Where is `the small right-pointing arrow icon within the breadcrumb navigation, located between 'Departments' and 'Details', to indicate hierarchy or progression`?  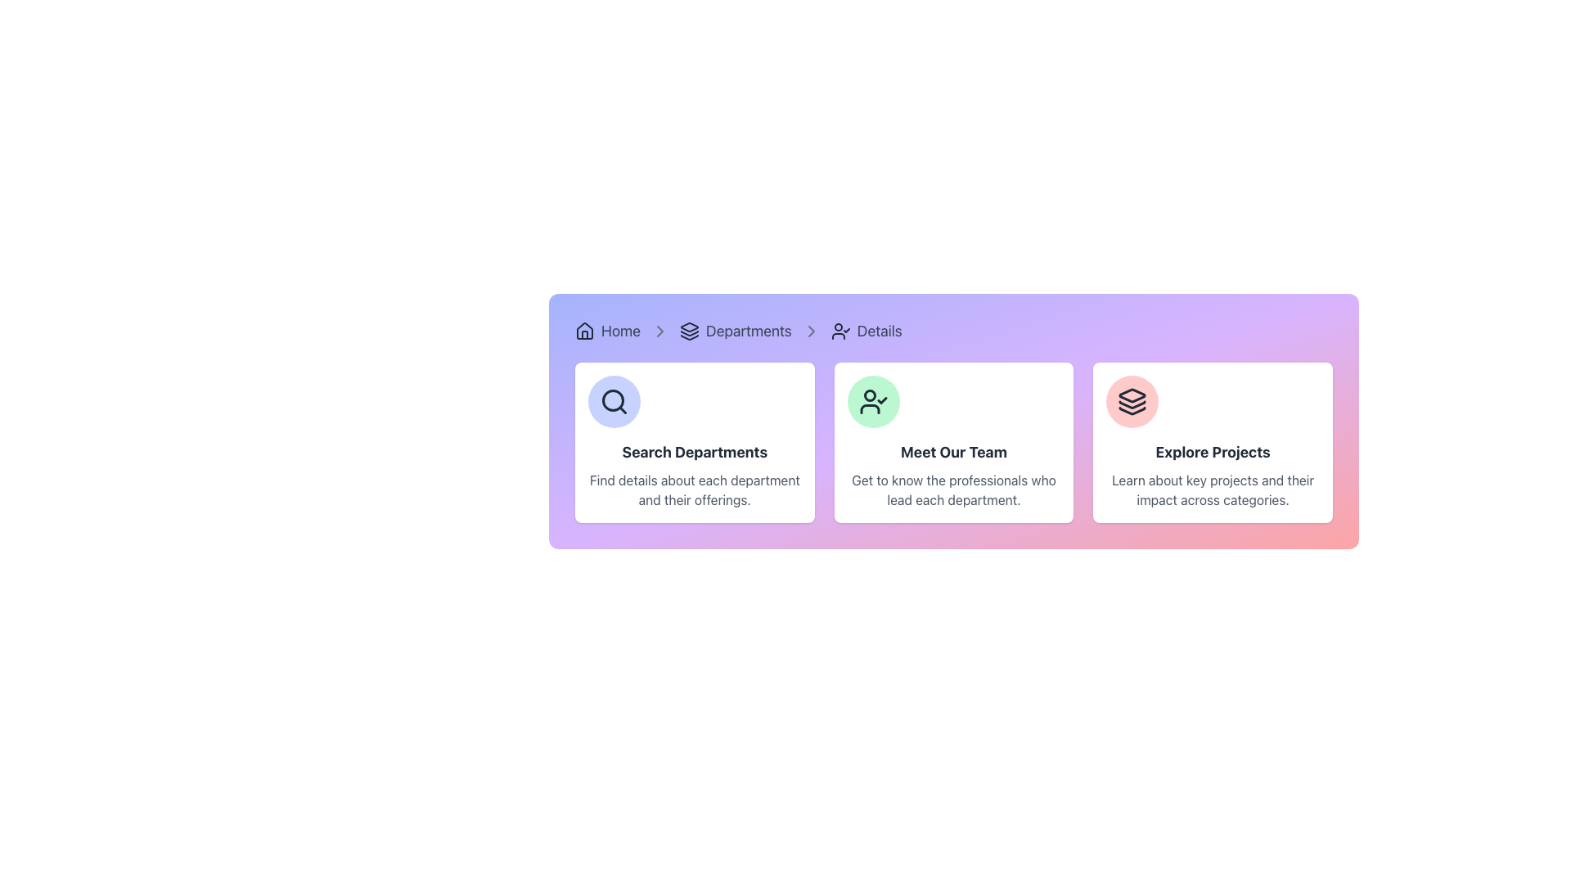
the small right-pointing arrow icon within the breadcrumb navigation, located between 'Departments' and 'Details', to indicate hierarchy or progression is located at coordinates (659, 331).